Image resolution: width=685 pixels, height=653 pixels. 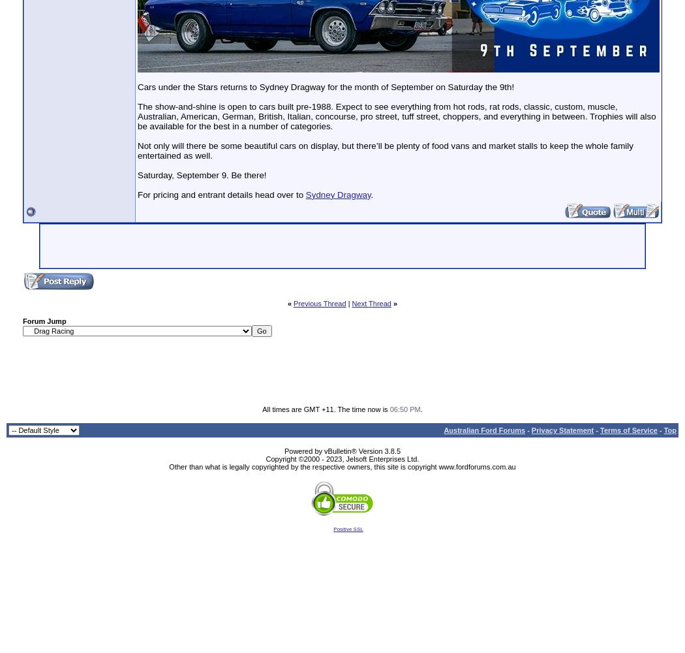 What do you see at coordinates (325, 409) in the screenshot?
I see `'All times are GMT +11. The time now is'` at bounding box center [325, 409].